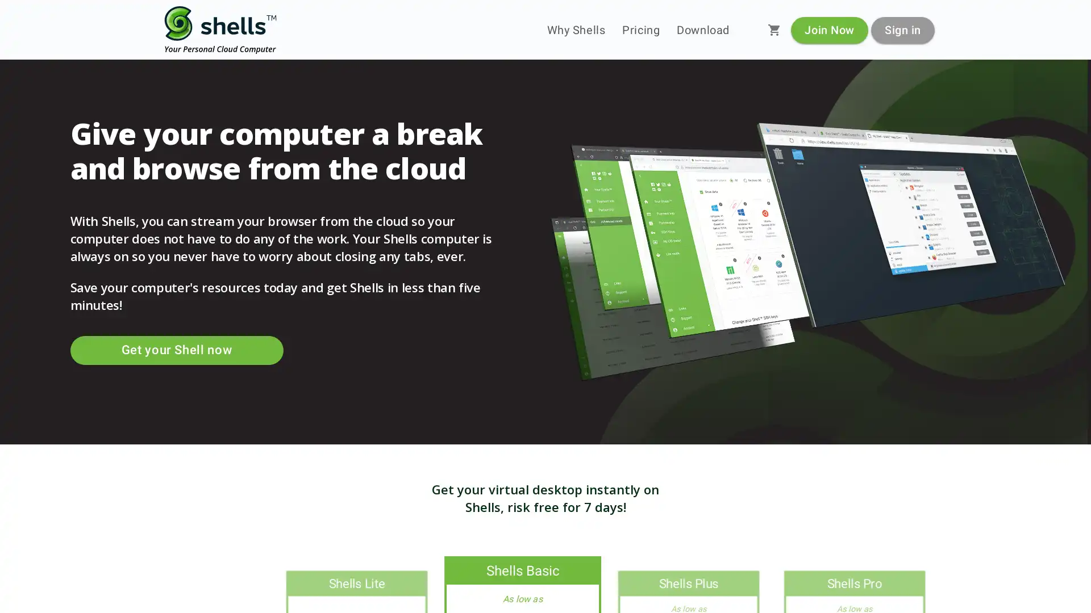 This screenshot has height=613, width=1091. What do you see at coordinates (220, 30) in the screenshot?
I see `Shells Logo` at bounding box center [220, 30].